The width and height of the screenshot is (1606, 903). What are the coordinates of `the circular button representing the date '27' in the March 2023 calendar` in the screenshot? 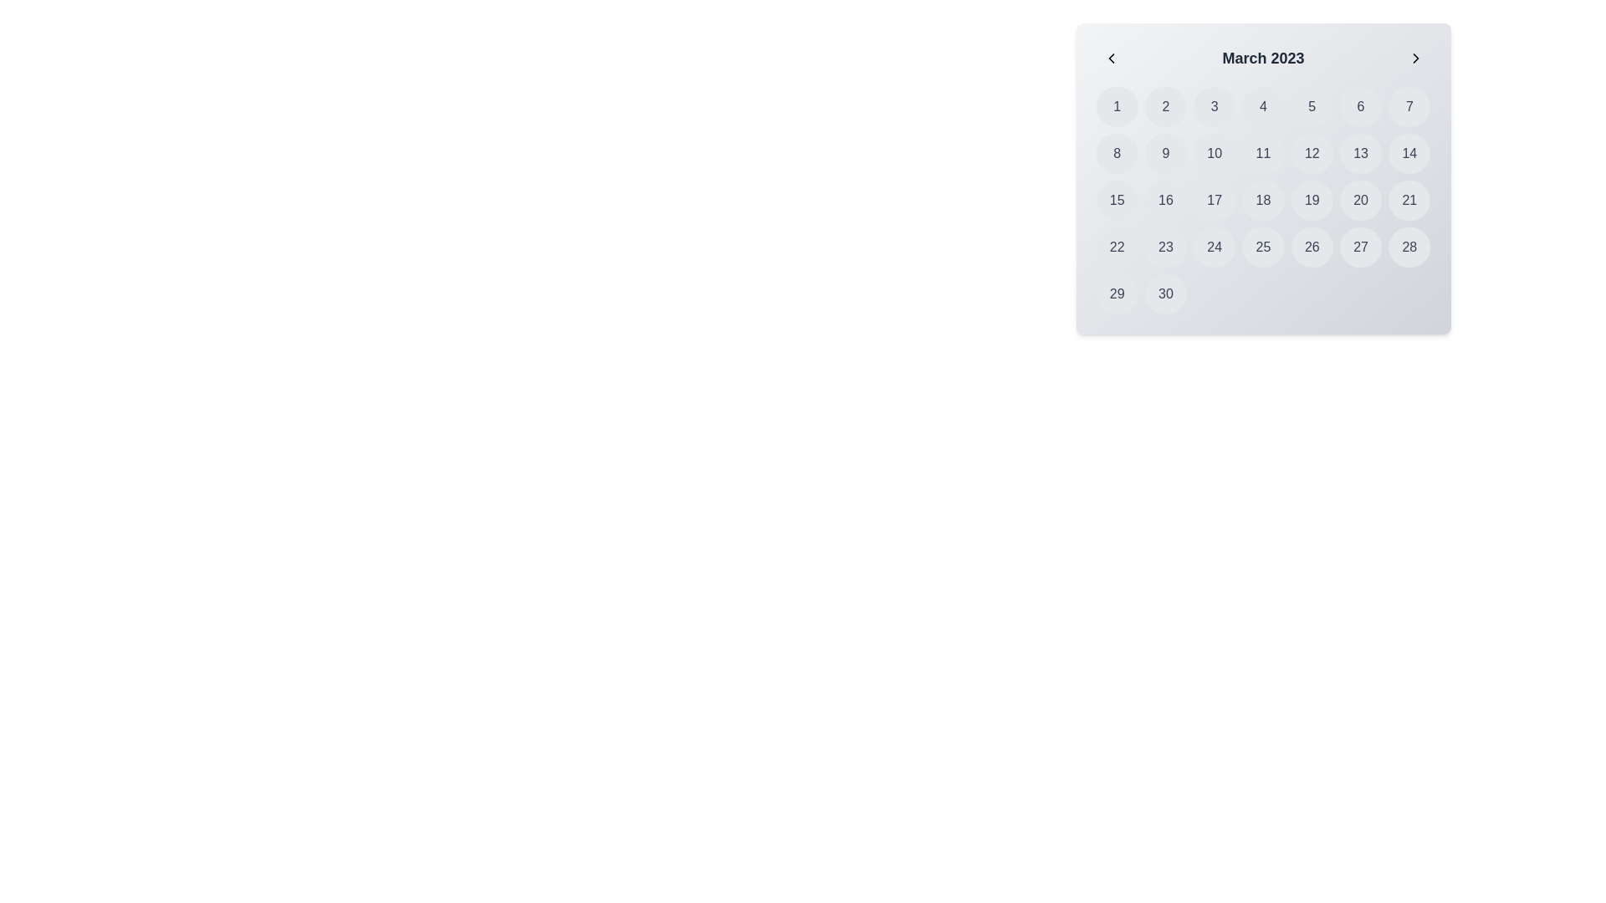 It's located at (1361, 247).